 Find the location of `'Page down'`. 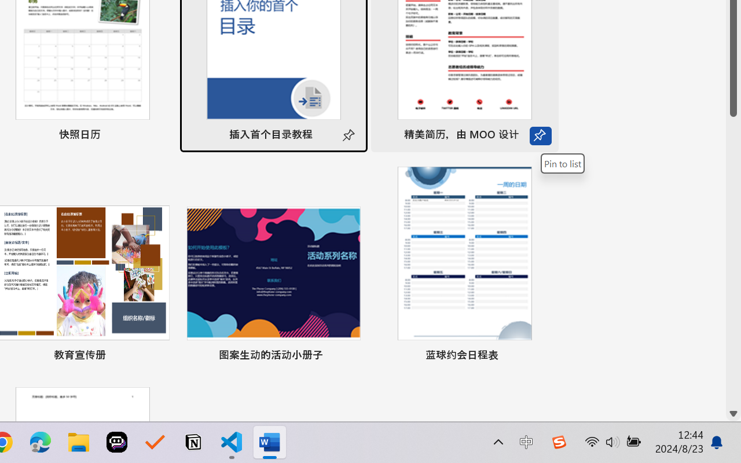

'Page down' is located at coordinates (733, 260).